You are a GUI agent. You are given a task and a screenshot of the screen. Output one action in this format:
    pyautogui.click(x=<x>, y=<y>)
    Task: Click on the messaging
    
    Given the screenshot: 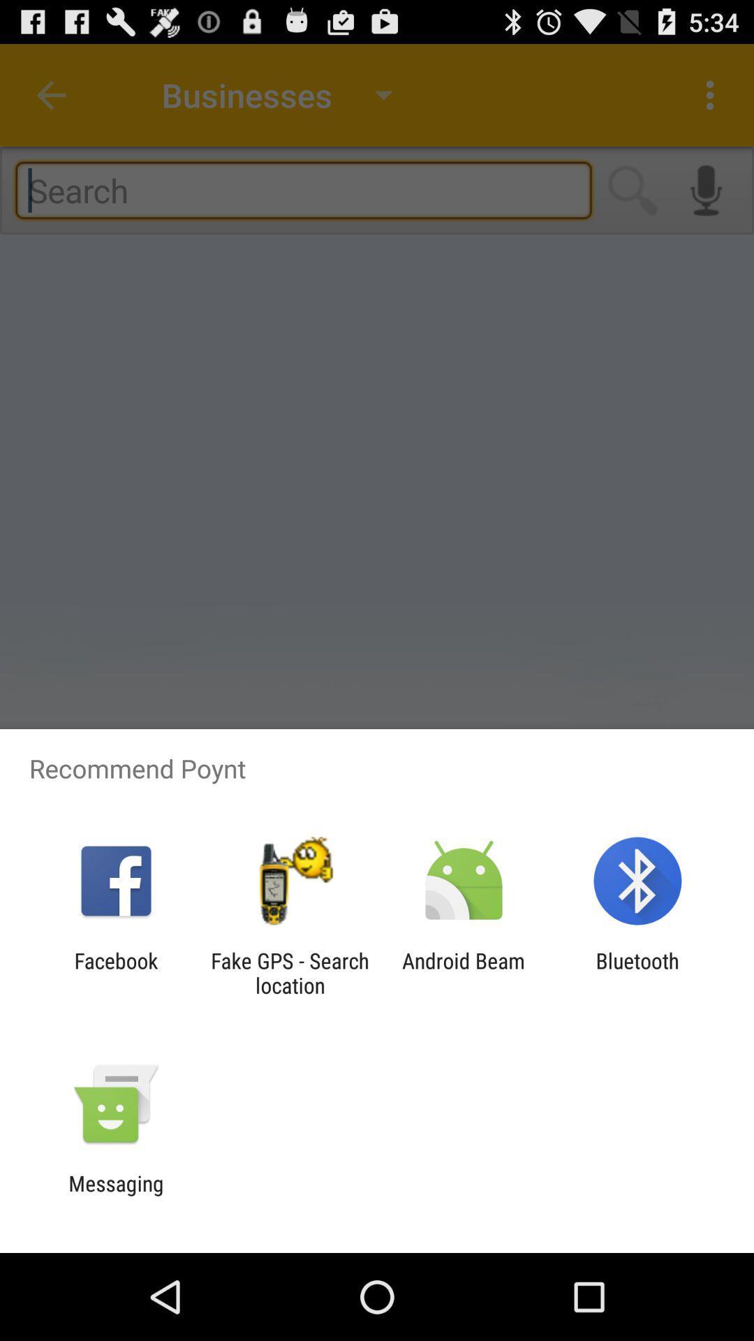 What is the action you would take?
    pyautogui.click(x=115, y=1195)
    